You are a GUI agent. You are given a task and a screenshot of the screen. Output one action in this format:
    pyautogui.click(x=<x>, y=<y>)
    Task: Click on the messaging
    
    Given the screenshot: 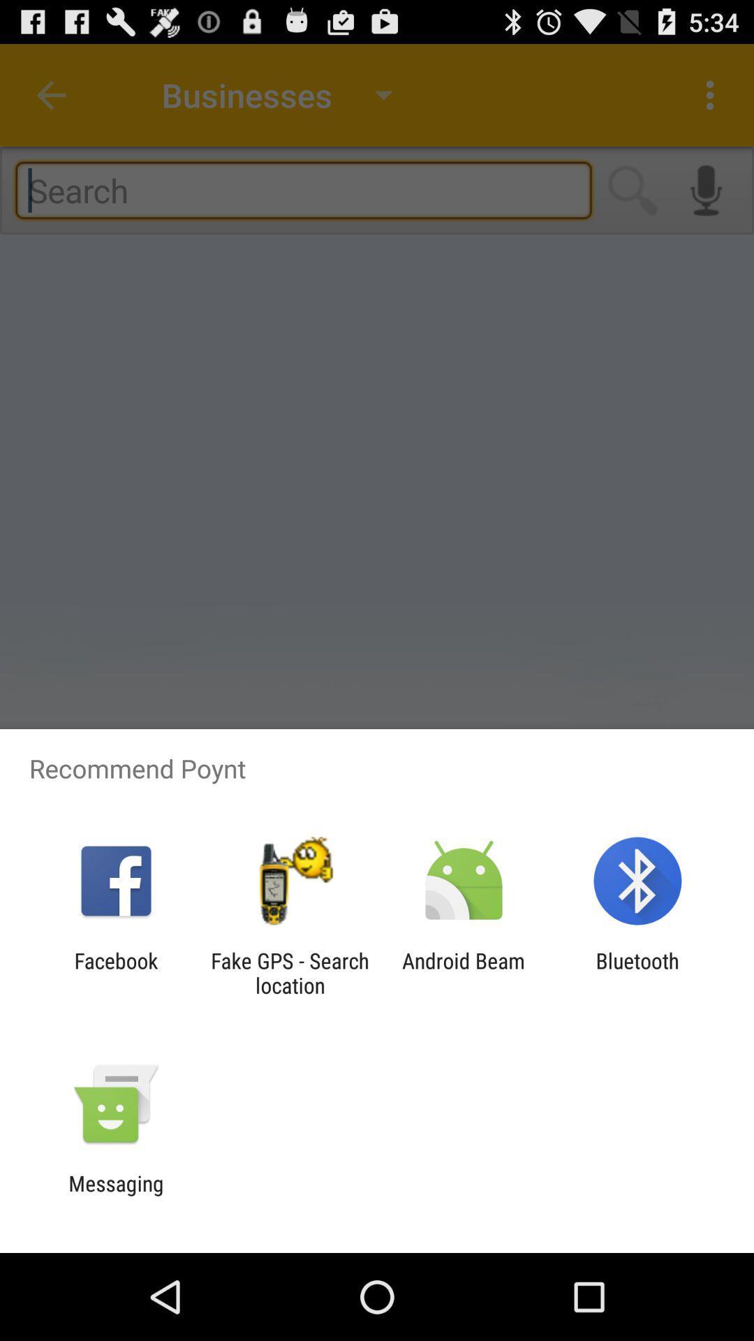 What is the action you would take?
    pyautogui.click(x=115, y=1195)
    